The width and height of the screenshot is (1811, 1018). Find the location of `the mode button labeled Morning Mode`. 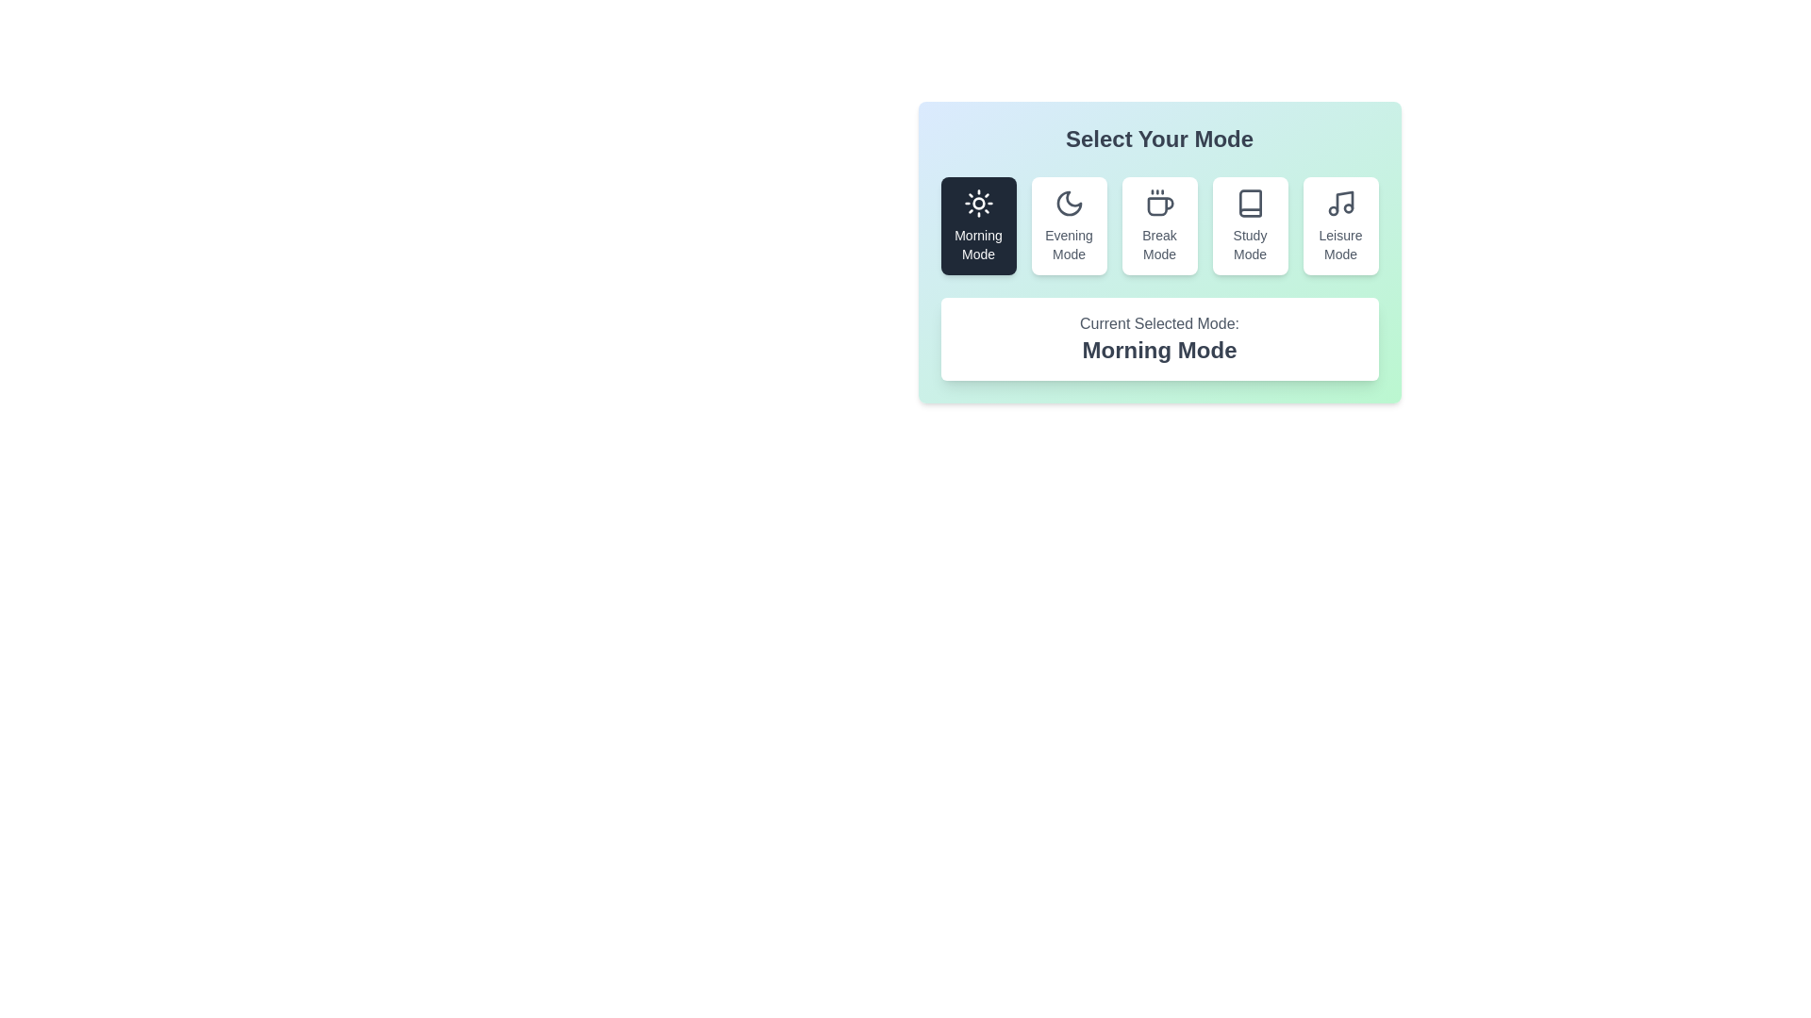

the mode button labeled Morning Mode is located at coordinates (978, 224).